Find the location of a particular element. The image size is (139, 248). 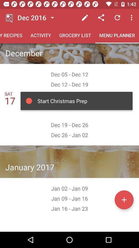

the add icon is located at coordinates (124, 199).